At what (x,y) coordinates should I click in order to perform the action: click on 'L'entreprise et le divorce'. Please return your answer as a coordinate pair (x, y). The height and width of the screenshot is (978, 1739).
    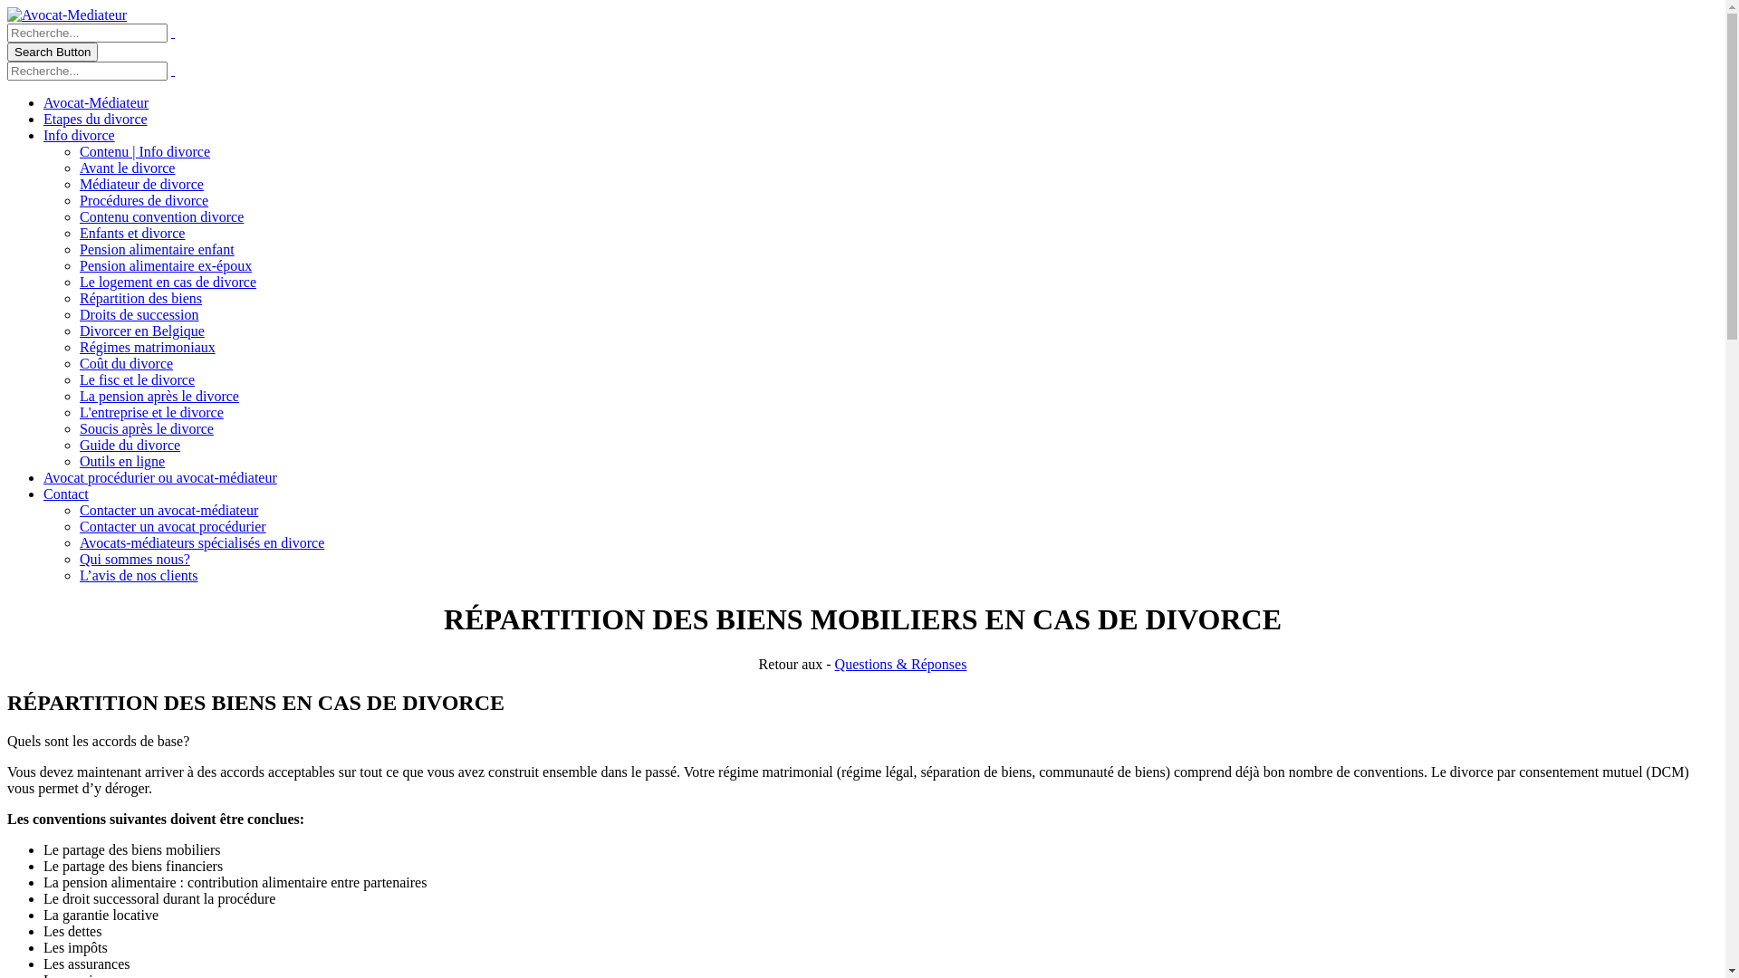
    Looking at the image, I should click on (151, 412).